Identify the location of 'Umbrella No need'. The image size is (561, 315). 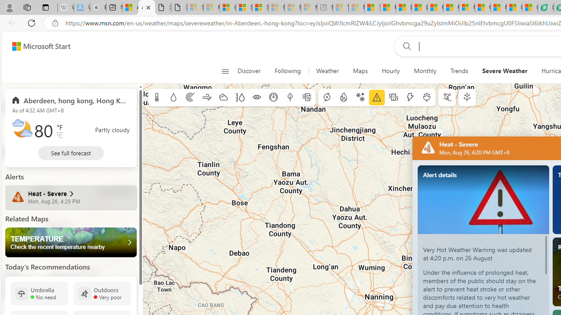
(39, 293).